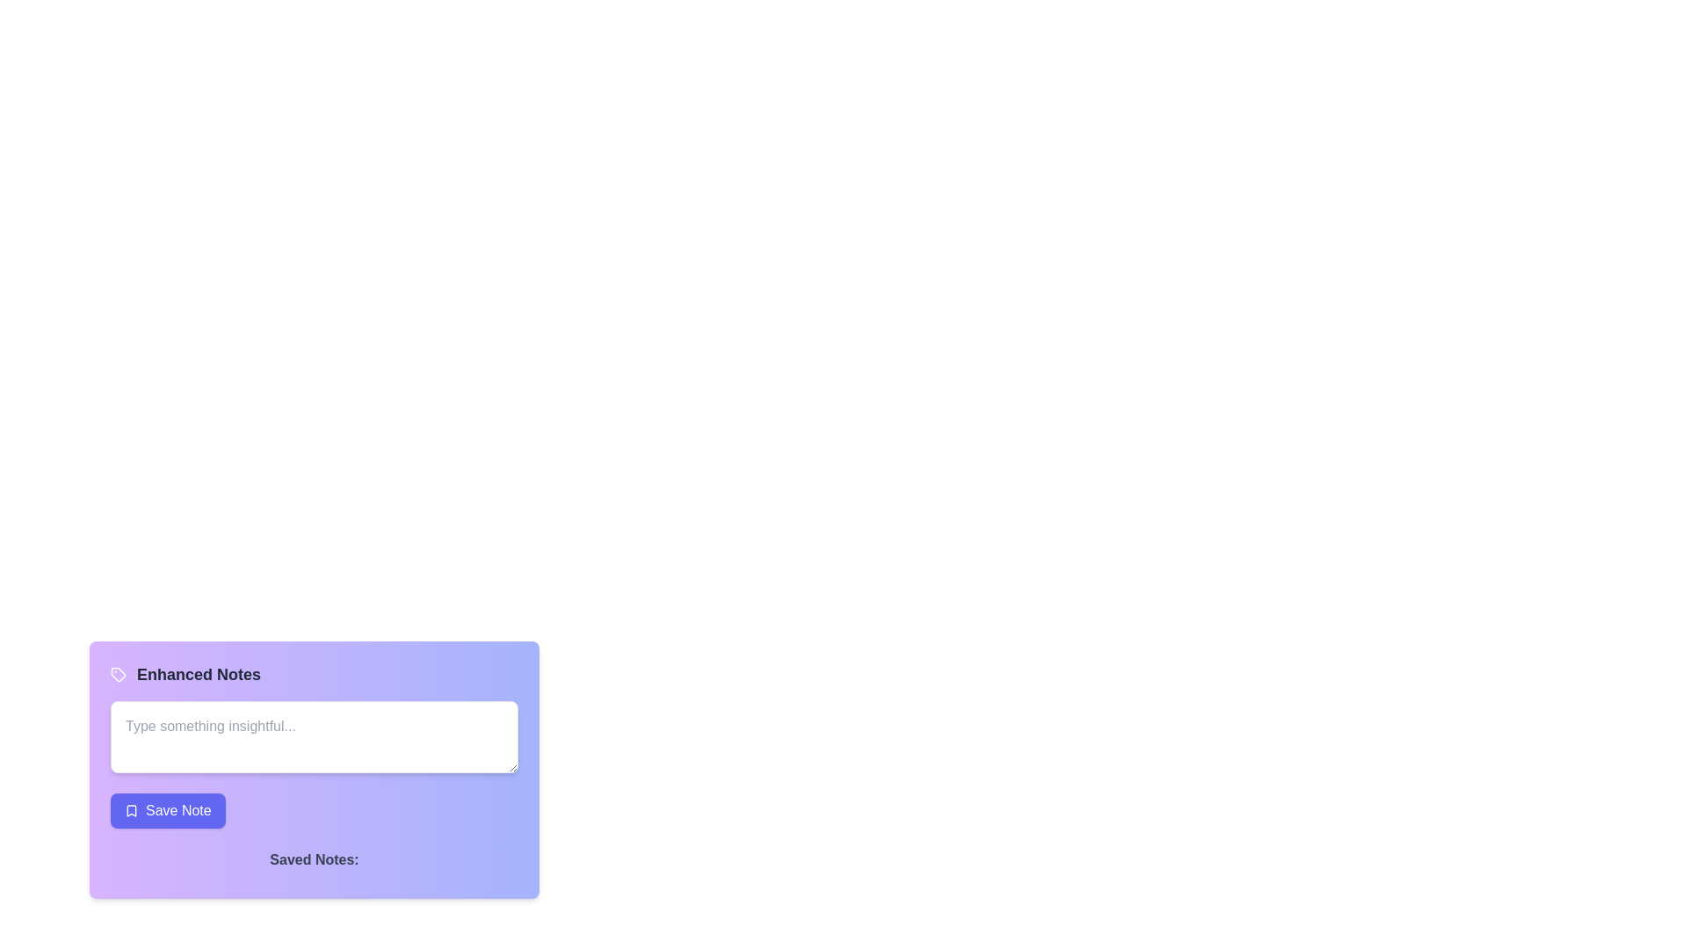 The height and width of the screenshot is (949, 1687). What do you see at coordinates (177, 810) in the screenshot?
I see `the 'Save Note' button, which is a rounded rectangle with a gradient purple background, located at the bottom-left part of the card interface` at bounding box center [177, 810].